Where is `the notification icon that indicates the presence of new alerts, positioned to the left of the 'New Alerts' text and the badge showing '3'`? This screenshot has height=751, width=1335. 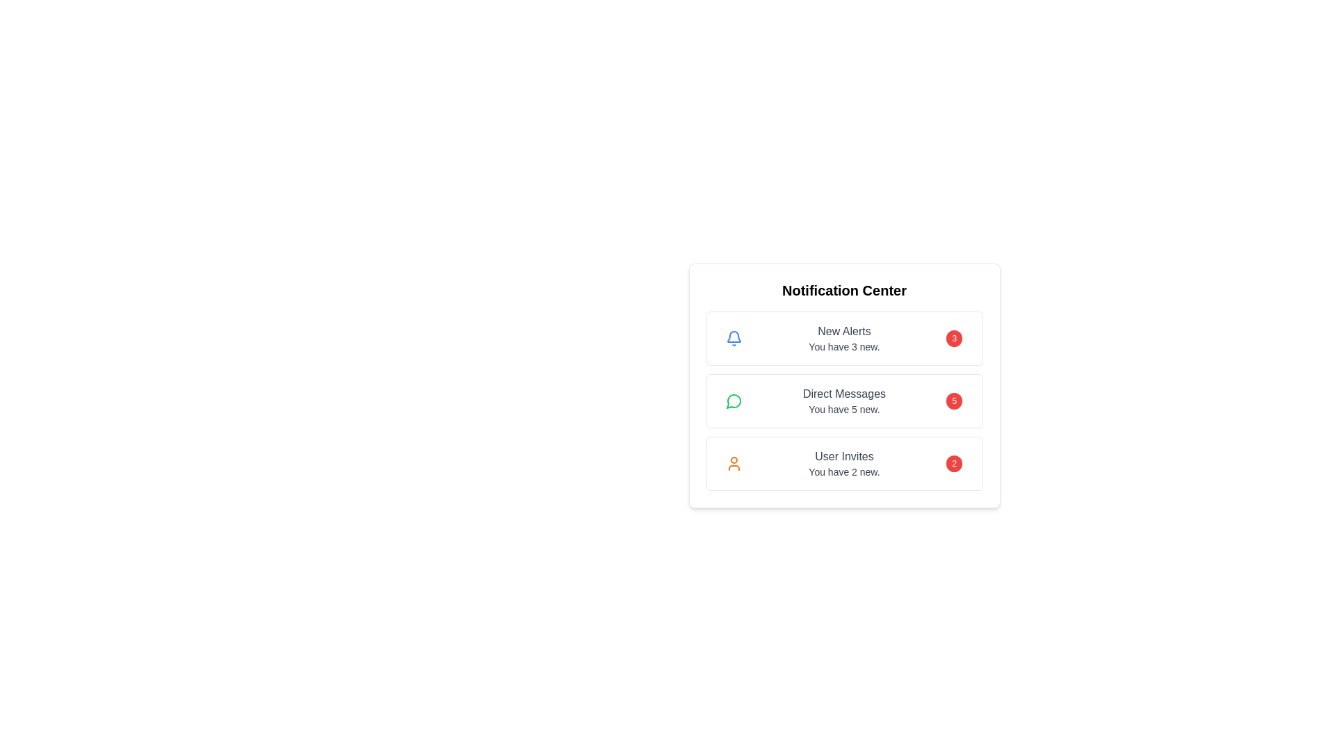 the notification icon that indicates the presence of new alerts, positioned to the left of the 'New Alerts' text and the badge showing '3' is located at coordinates (734, 338).